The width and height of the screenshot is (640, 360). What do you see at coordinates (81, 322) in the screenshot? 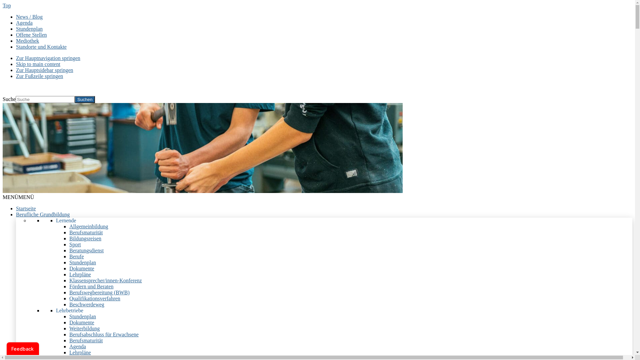
I see `'Dokumente'` at bounding box center [81, 322].